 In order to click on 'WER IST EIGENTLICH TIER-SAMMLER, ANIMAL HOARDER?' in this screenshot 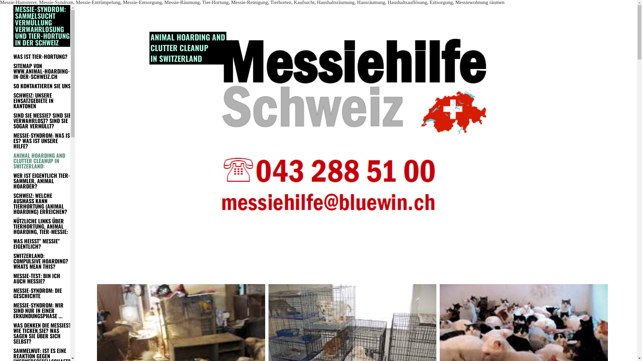, I will do `click(13, 180)`.